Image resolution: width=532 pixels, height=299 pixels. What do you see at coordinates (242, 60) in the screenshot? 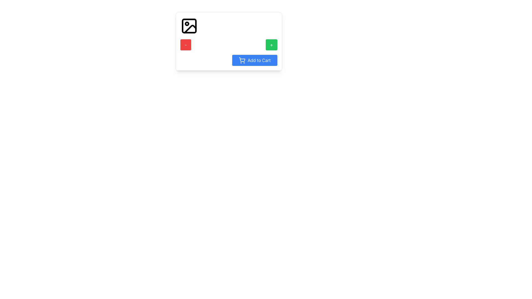
I see `the 'Add to Cart' button, which contains a shopping cart icon on its left side, located at the bottom center of the card interface` at bounding box center [242, 60].